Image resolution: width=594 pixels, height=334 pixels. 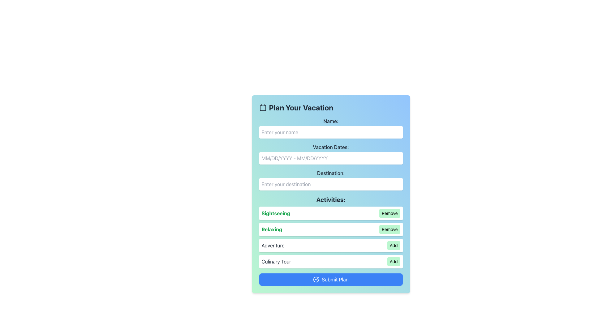 What do you see at coordinates (263, 107) in the screenshot?
I see `the calendar icon located in the title bar of the form, just to the left of the text 'Plan Your Vacation'` at bounding box center [263, 107].